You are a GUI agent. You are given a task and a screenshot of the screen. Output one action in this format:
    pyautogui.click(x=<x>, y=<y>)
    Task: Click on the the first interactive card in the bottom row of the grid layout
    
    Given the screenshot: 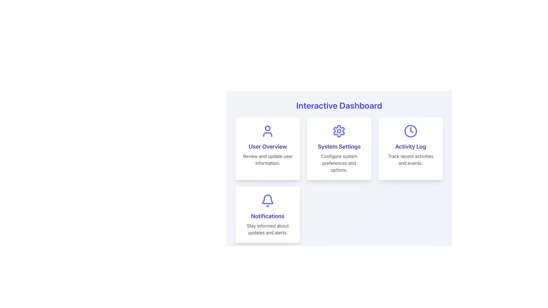 What is the action you would take?
    pyautogui.click(x=267, y=215)
    